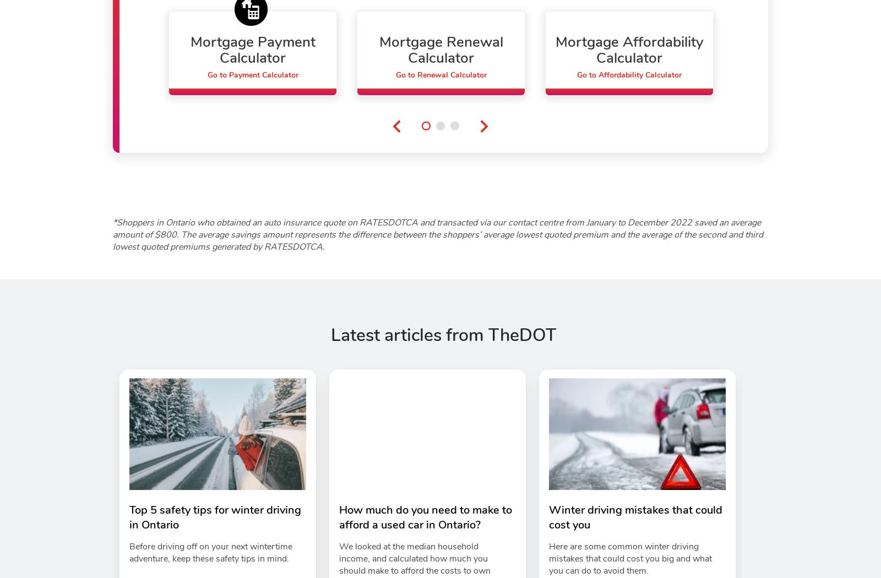 Image resolution: width=881 pixels, height=578 pixels. Describe the element at coordinates (339, 516) in the screenshot. I see `'How much do you need to make to afford a used car in Ontario?'` at that location.